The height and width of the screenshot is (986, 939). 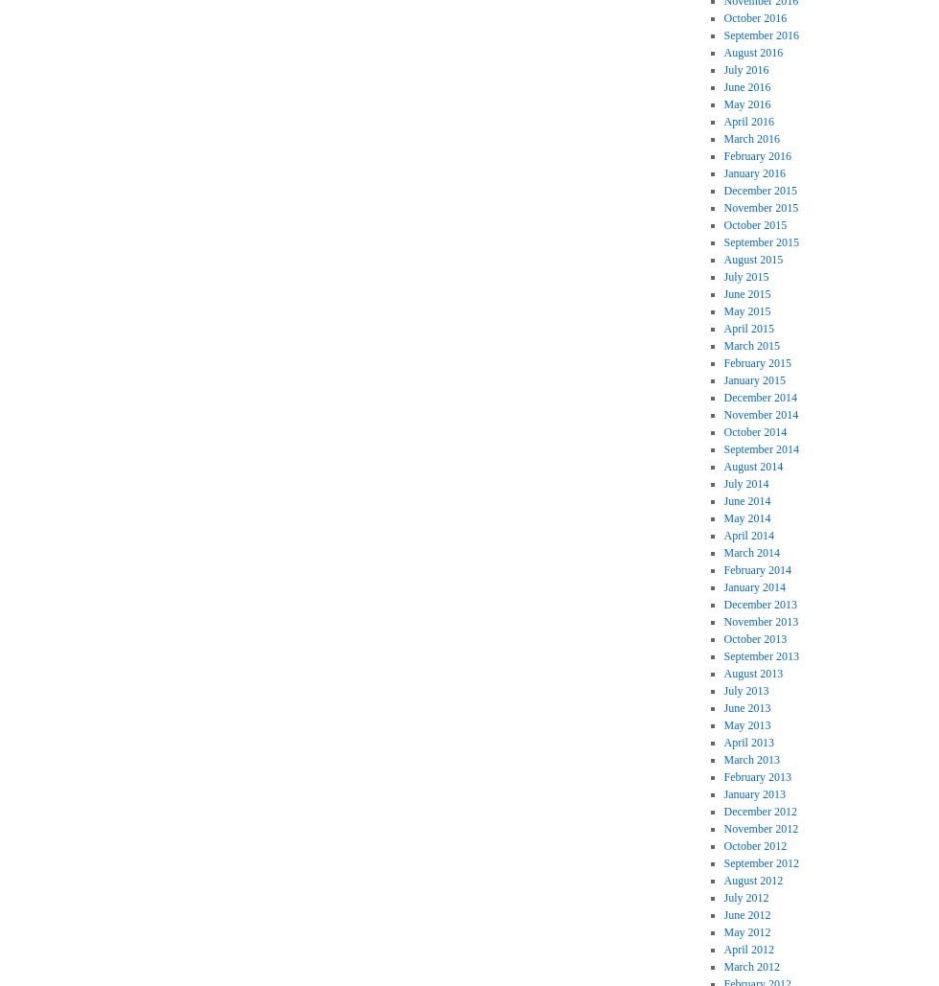 What do you see at coordinates (756, 361) in the screenshot?
I see `'February 2015'` at bounding box center [756, 361].